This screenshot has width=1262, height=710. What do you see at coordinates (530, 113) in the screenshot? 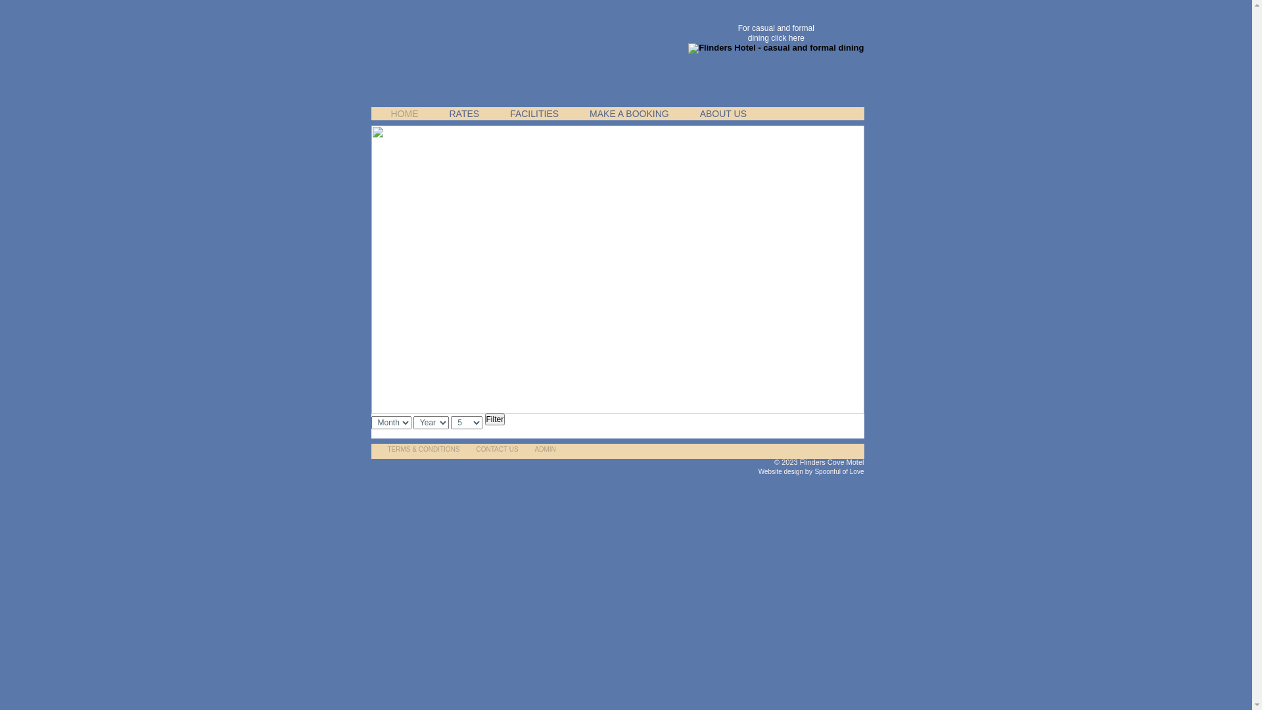
I see `'FACILITIES'` at bounding box center [530, 113].